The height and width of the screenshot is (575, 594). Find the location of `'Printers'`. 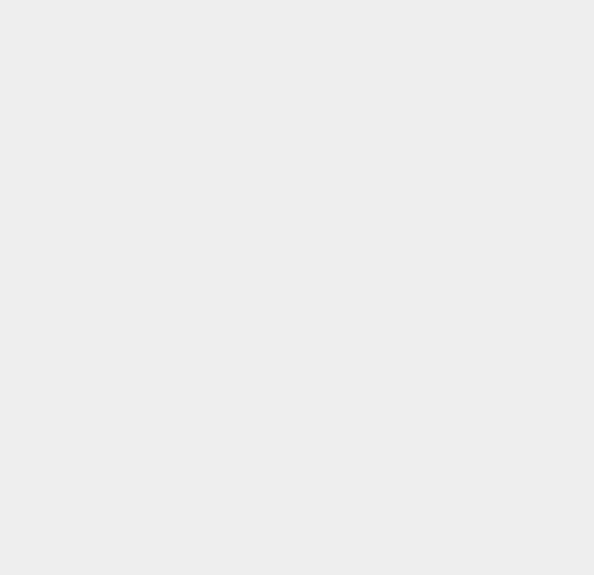

'Printers' is located at coordinates (420, 311).